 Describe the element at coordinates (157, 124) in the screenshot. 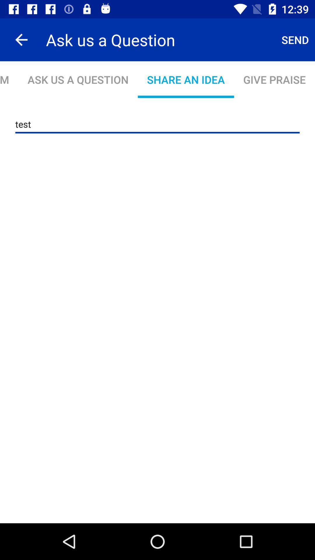

I see `the test item` at that location.